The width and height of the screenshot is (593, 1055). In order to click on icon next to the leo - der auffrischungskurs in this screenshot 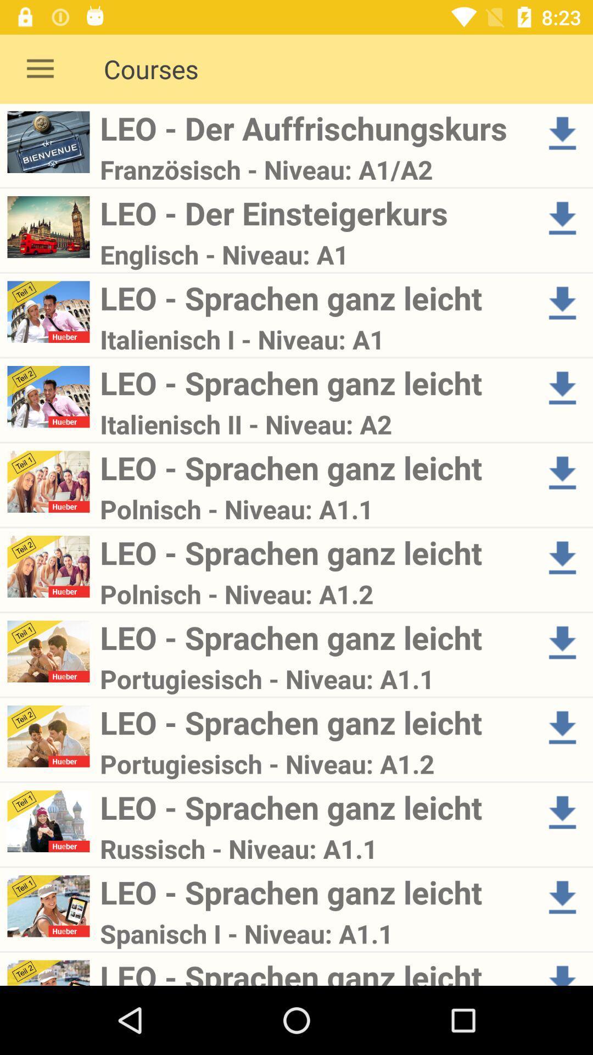, I will do `click(40, 68)`.